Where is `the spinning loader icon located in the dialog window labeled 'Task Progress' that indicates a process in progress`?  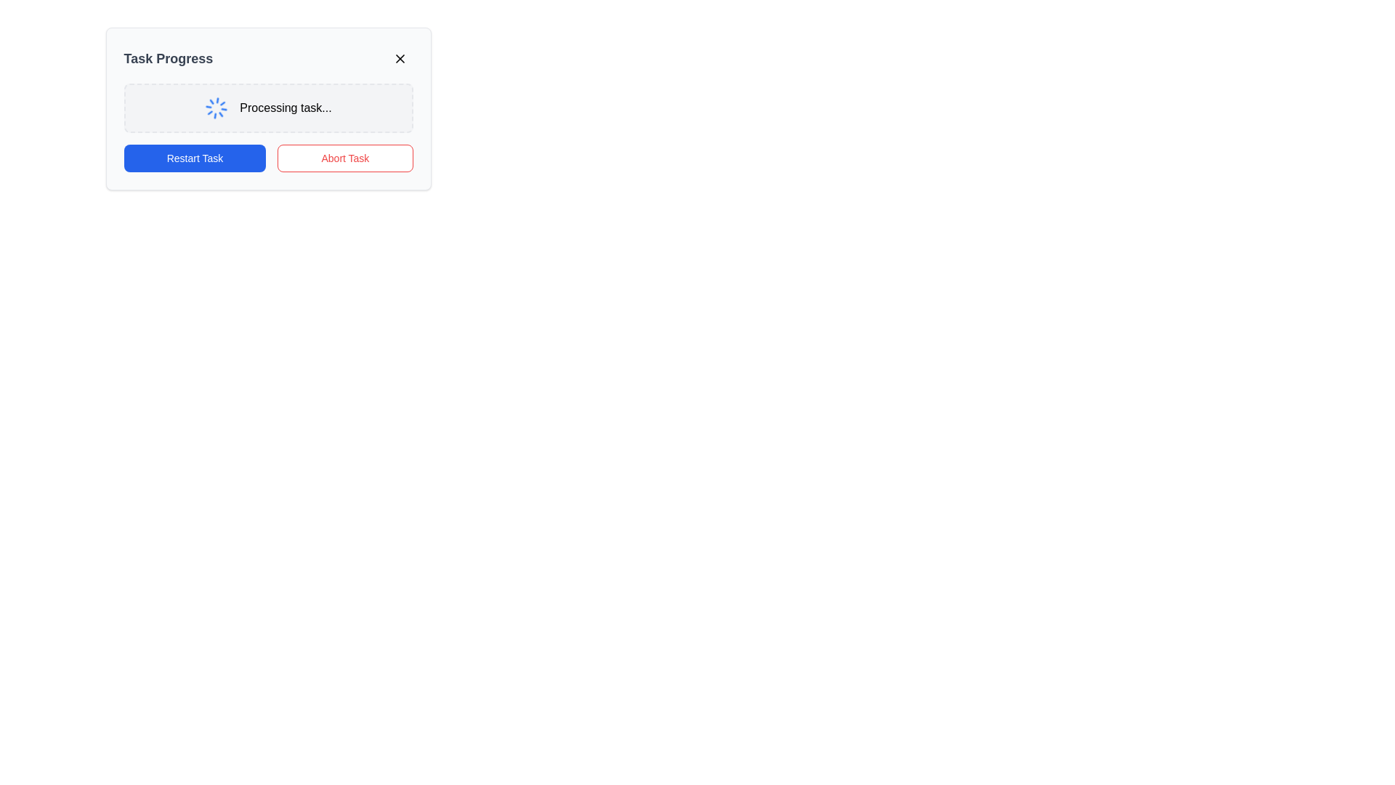
the spinning loader icon located in the dialog window labeled 'Task Progress' that indicates a process in progress is located at coordinates (216, 108).